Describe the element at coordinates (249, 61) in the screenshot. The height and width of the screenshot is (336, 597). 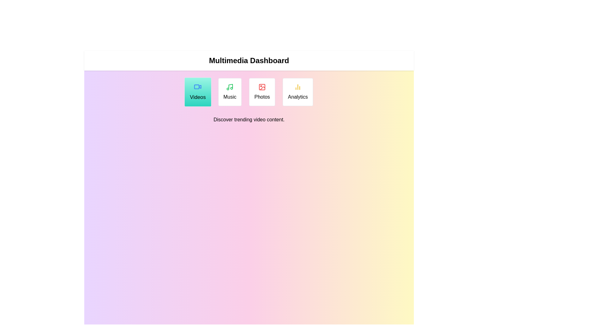
I see `the header to inspect its text` at that location.